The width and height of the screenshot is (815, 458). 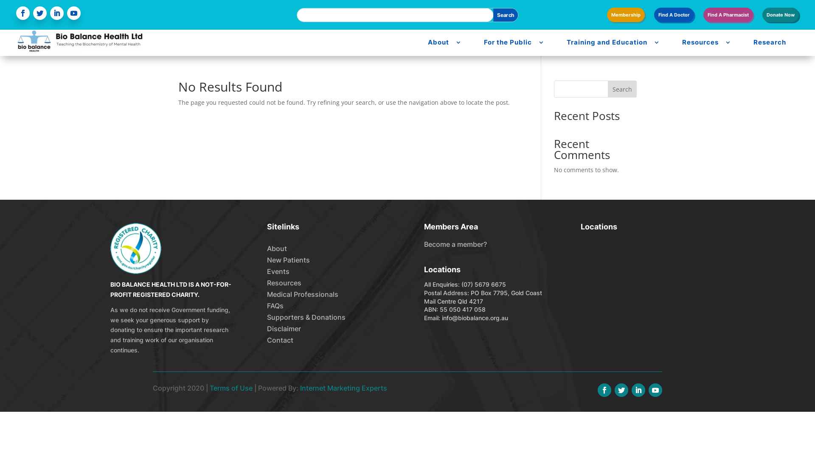 I want to click on 'Terms of Use', so click(x=231, y=388).